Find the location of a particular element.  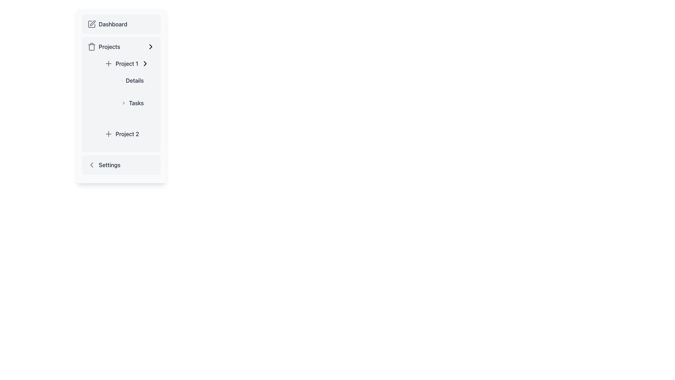

the fourth item in the vertical navigation menu for 'Project 2' is located at coordinates (127, 134).